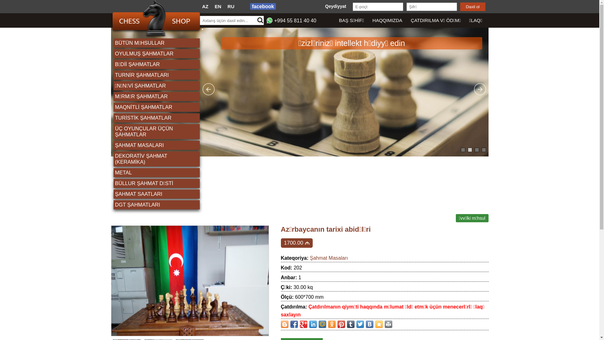 Image resolution: width=604 pixels, height=340 pixels. I want to click on 'Share on VK', so click(369, 324).